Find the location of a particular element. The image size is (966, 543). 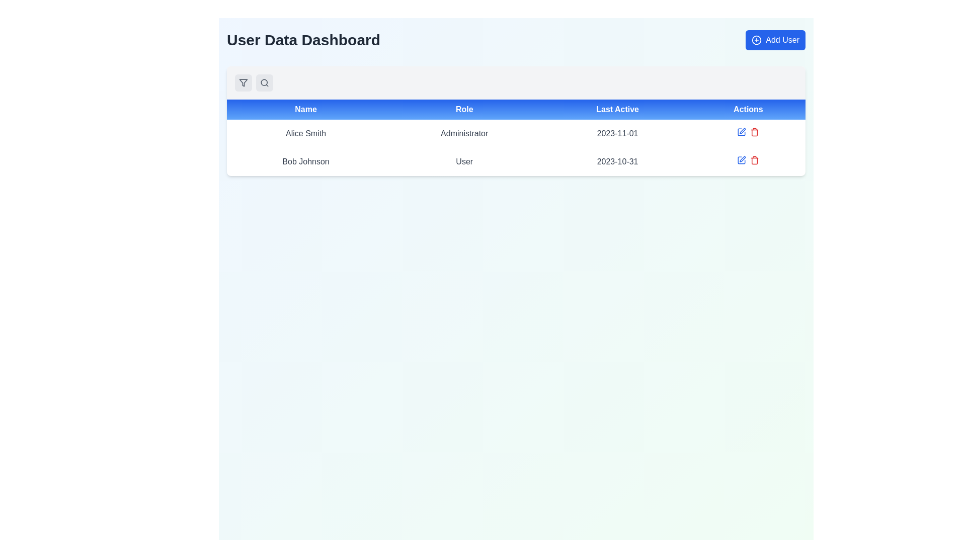

the button with a filter icon, which is a square button with rounded corners and a light gray background, located in the header section of the interface, to the left of the search button is located at coordinates (244, 82).